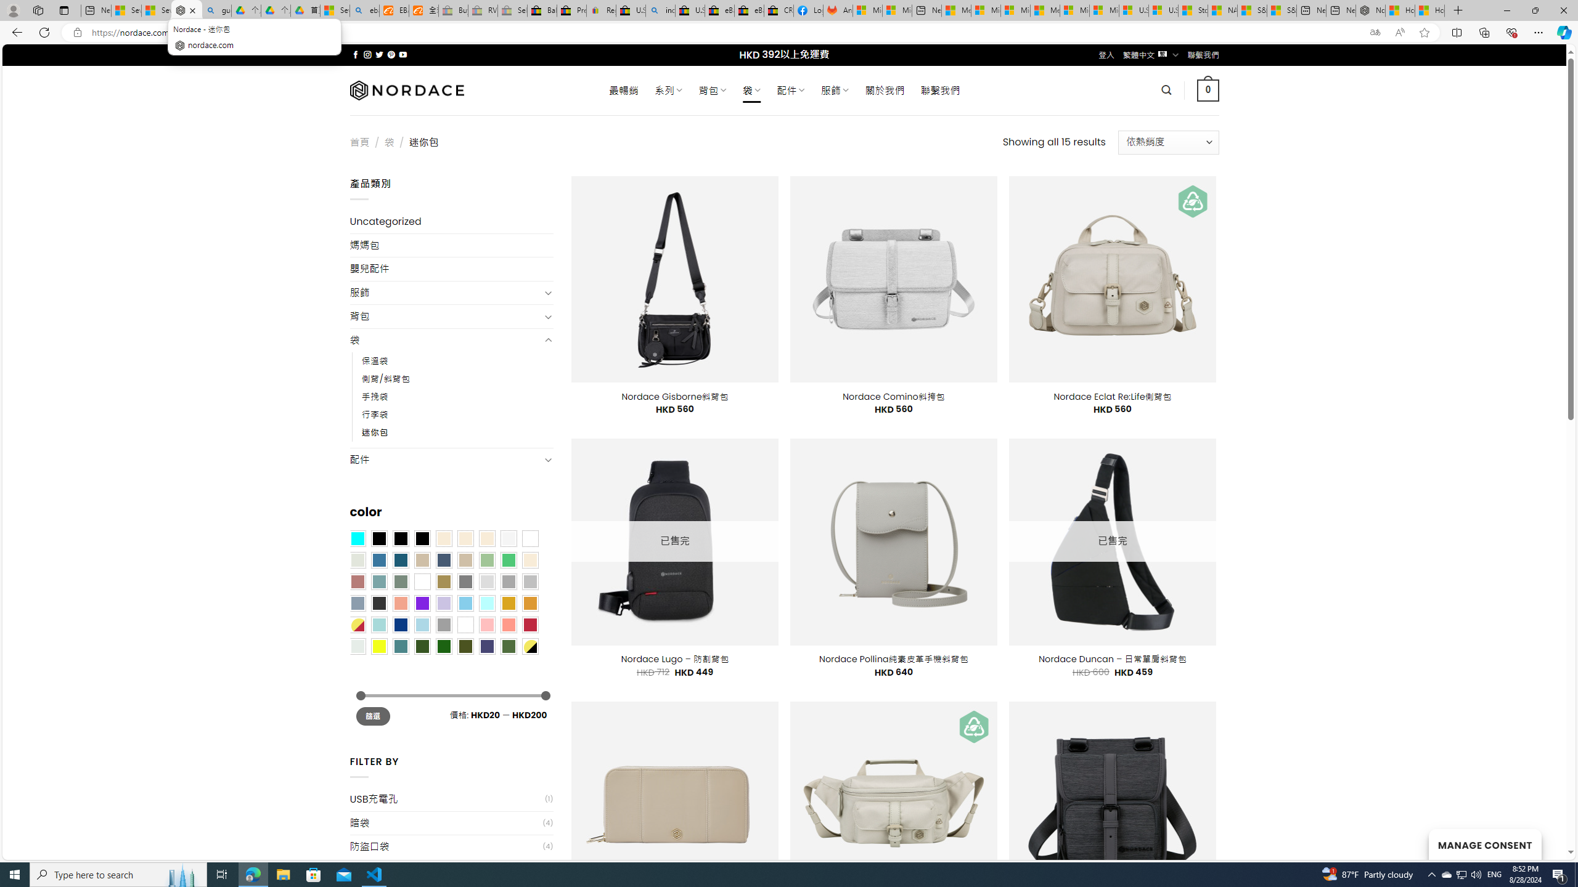 The height and width of the screenshot is (887, 1578). I want to click on 'ebay - Search', so click(364, 10).